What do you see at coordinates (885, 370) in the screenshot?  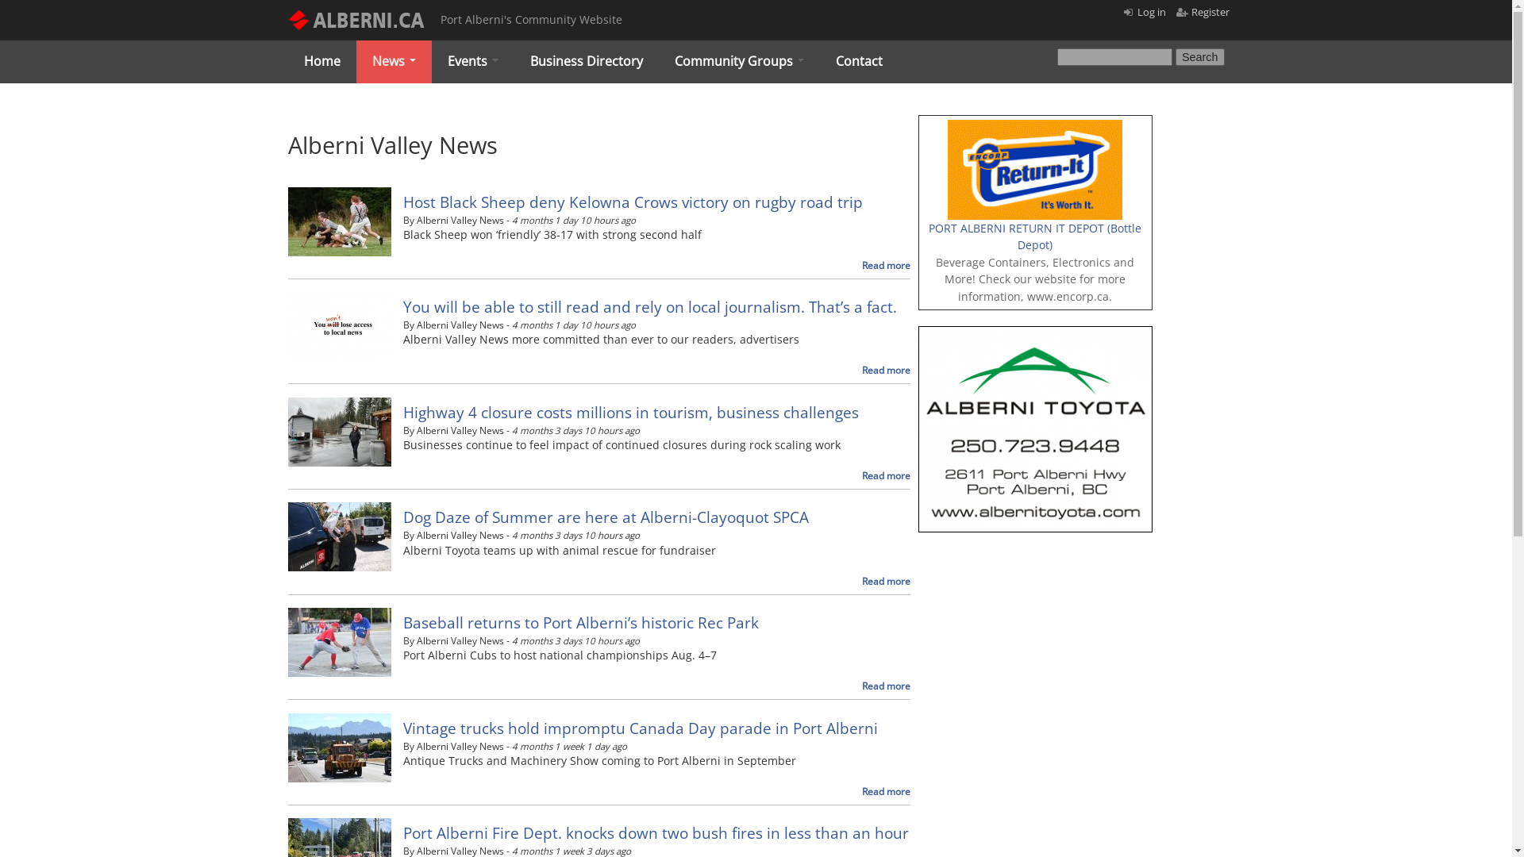 I see `'Read more'` at bounding box center [885, 370].